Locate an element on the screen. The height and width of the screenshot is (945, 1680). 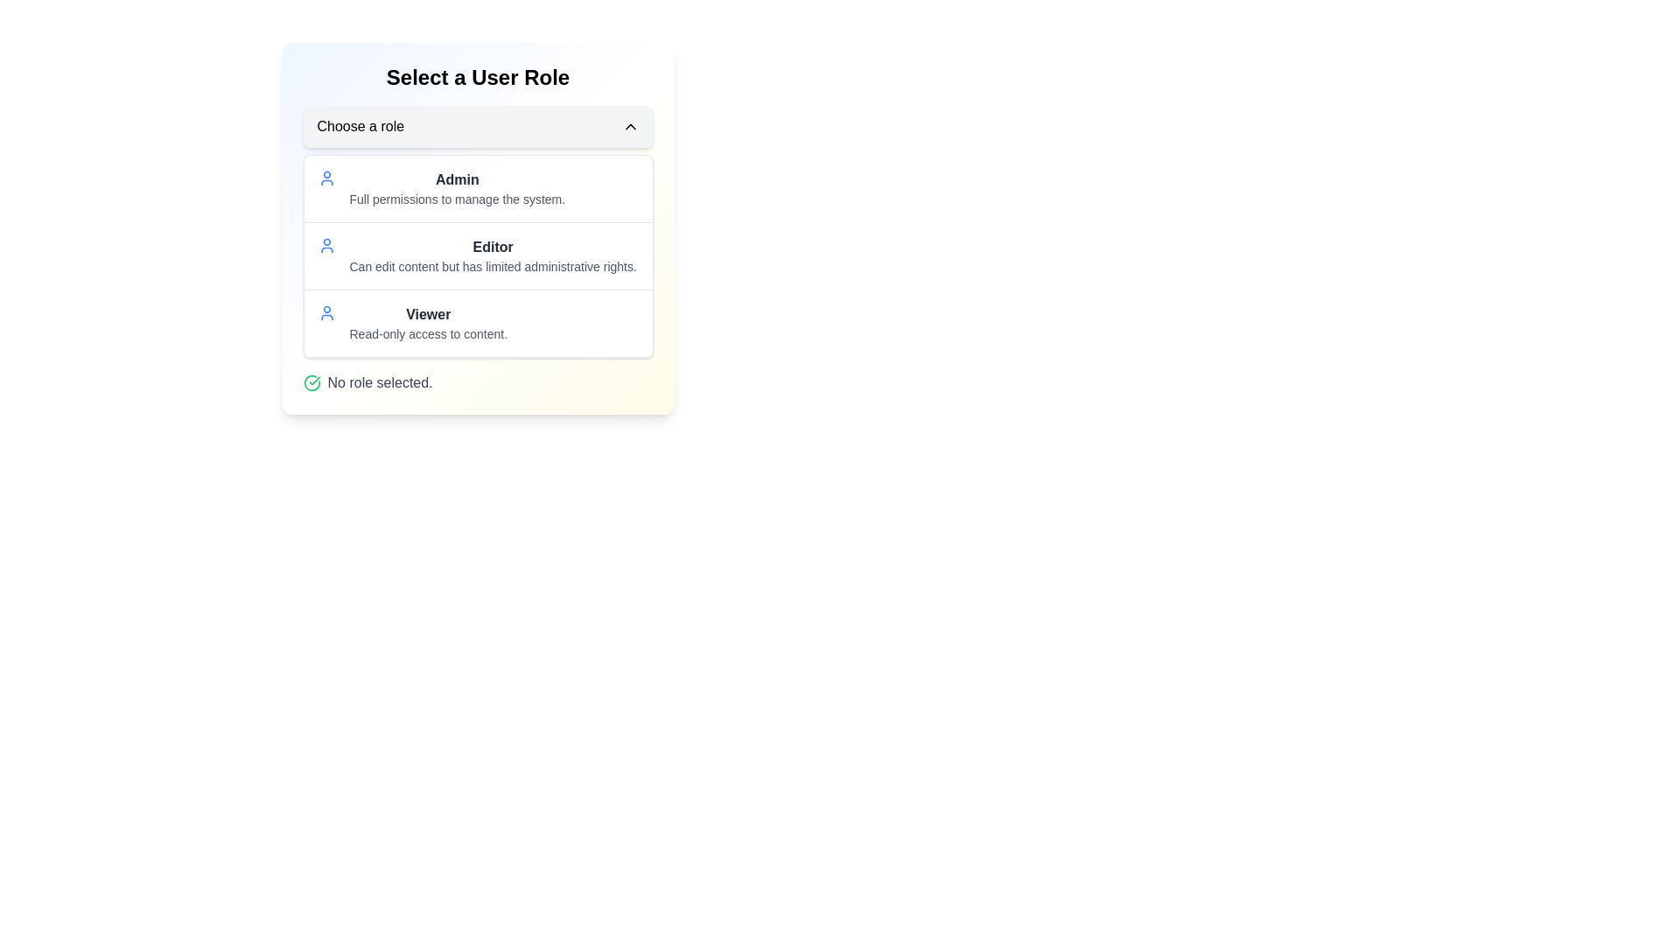
the 'Viewer' selectable role option, which is a text block consisting of the title 'Viewer' in bold and dark text, followed by the subtitle 'Read-only access to content.' is located at coordinates (428, 324).